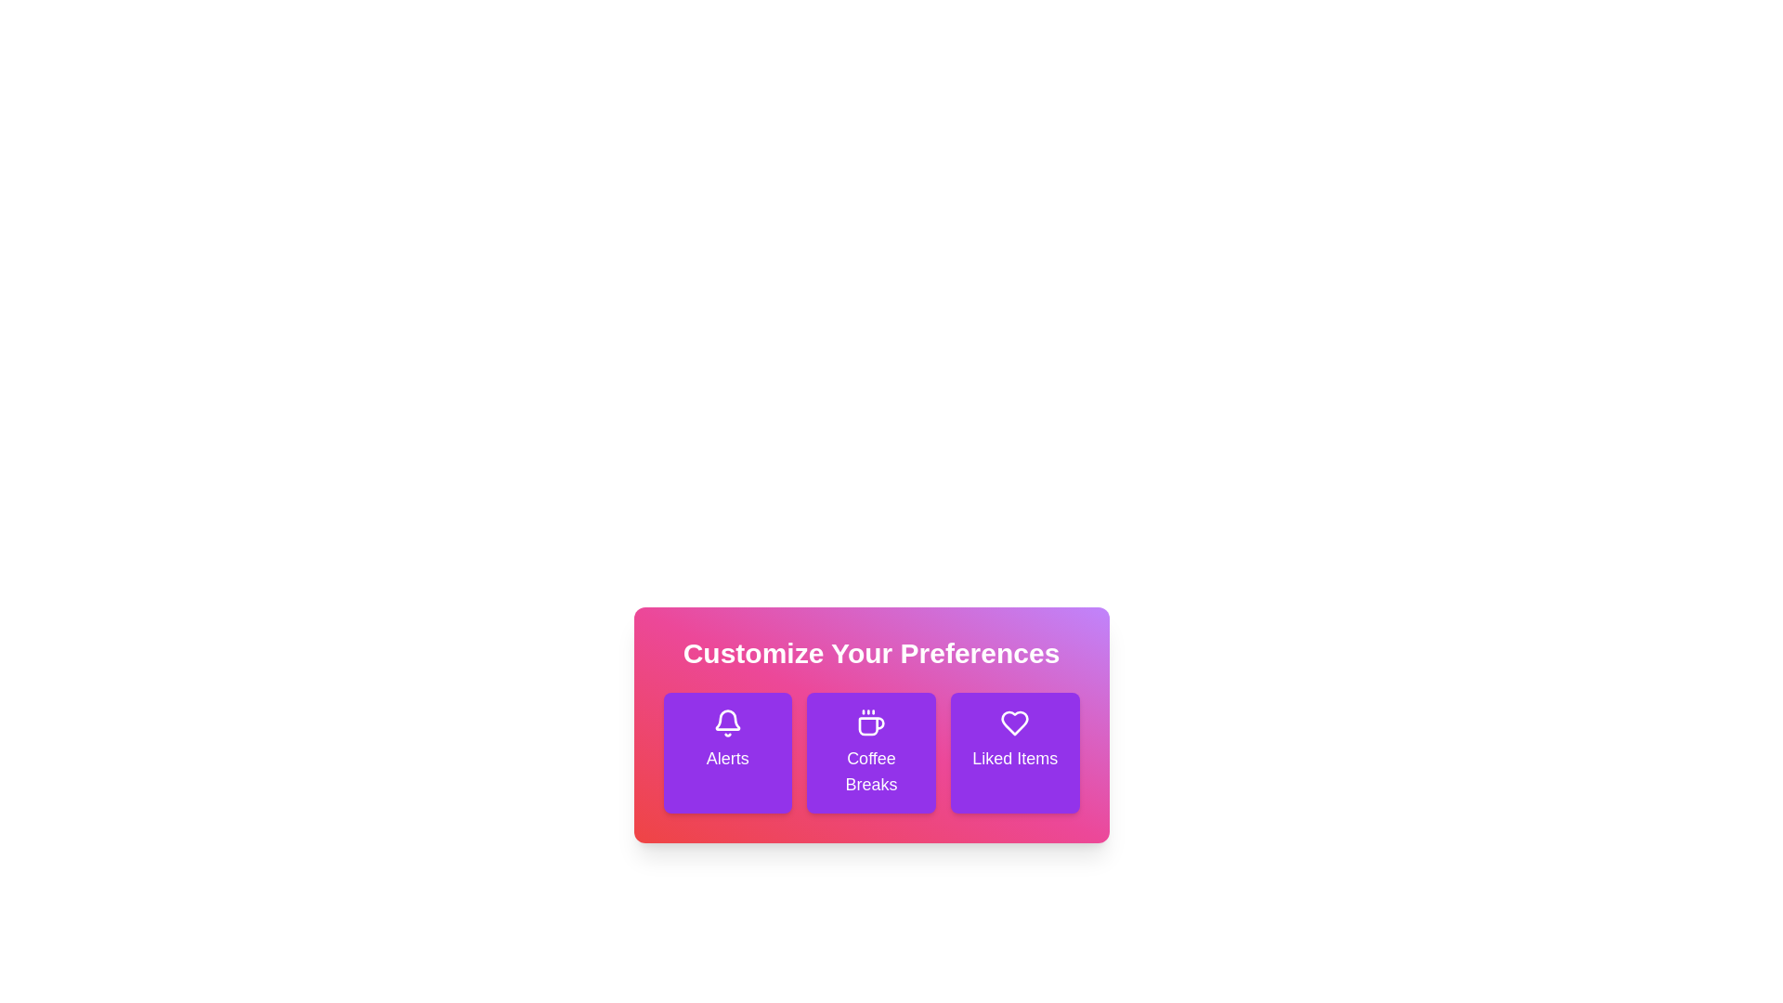 The width and height of the screenshot is (1783, 1003). What do you see at coordinates (871, 725) in the screenshot?
I see `the coffee cup icon located within the 'Coffee Breaks' button, which is centered in a group of three options labeled 'Alerts', 'Coffee Breaks', and 'Liked Items'` at bounding box center [871, 725].